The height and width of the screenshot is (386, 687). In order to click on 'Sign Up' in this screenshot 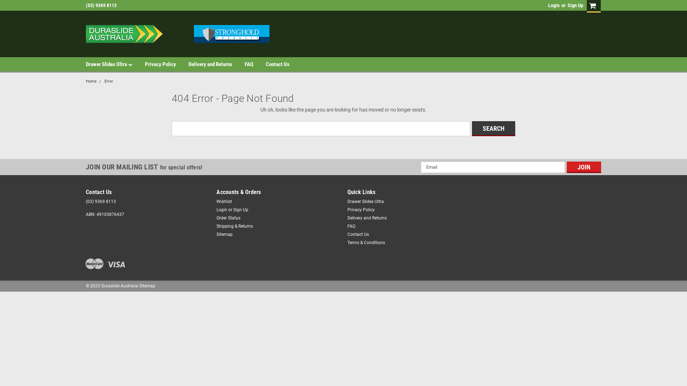, I will do `click(574, 5)`.